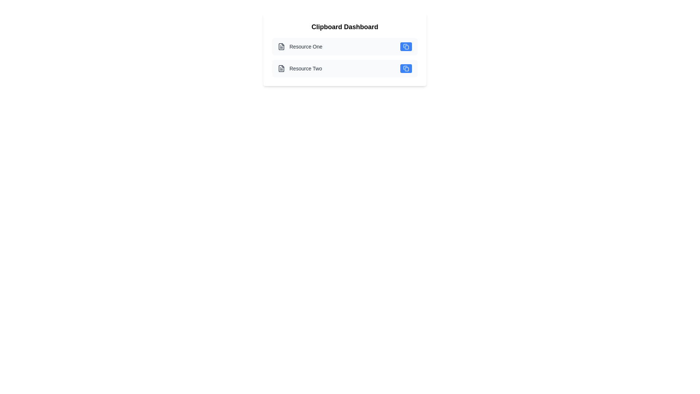 This screenshot has height=394, width=700. I want to click on the first resource row in the dashboard section that provides access to 'Resource One' and 'Resource Two' for details, so click(344, 49).